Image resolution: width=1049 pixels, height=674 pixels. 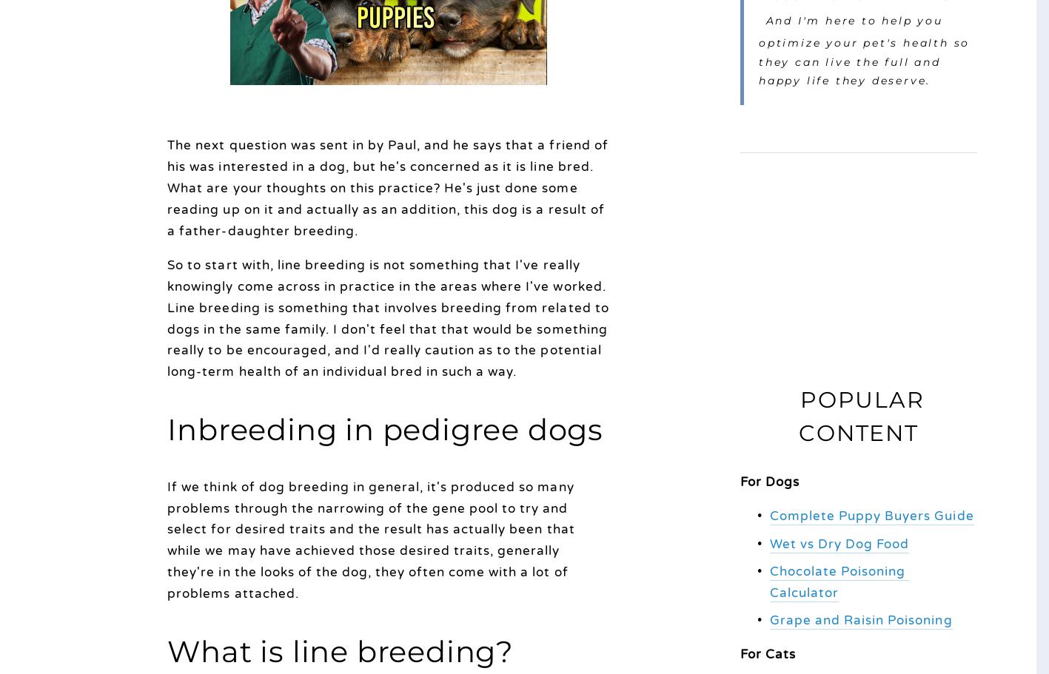 I want to click on 'For Cats', so click(x=768, y=653).